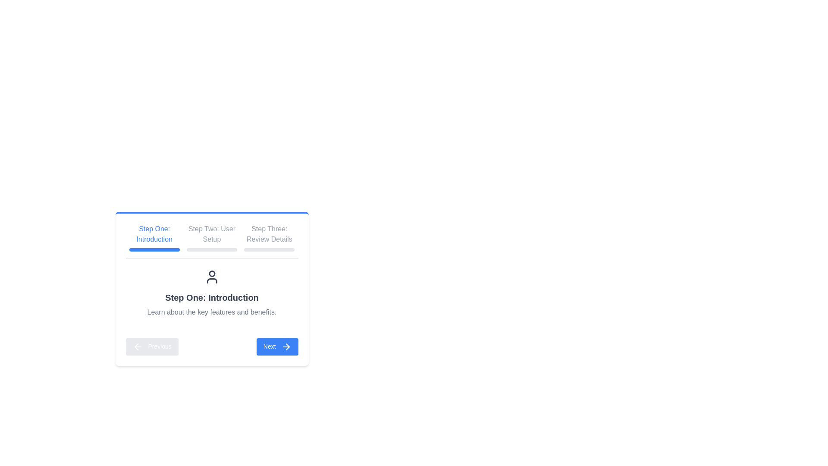 This screenshot has width=828, height=466. Describe the element at coordinates (212, 277) in the screenshot. I see `the user icon styled with a circular head and shoulders, located above the heading 'Step One: Introduction'` at that location.